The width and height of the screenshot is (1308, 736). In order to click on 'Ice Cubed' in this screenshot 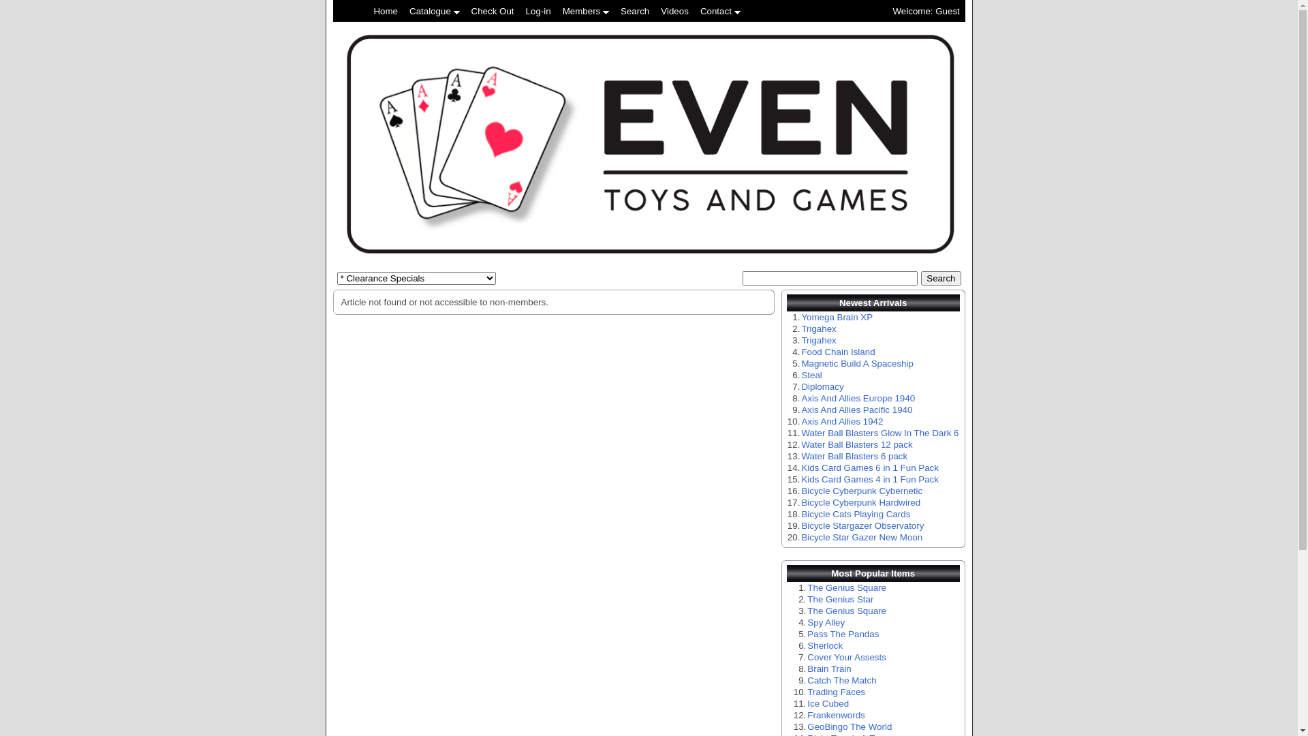, I will do `click(807, 703)`.